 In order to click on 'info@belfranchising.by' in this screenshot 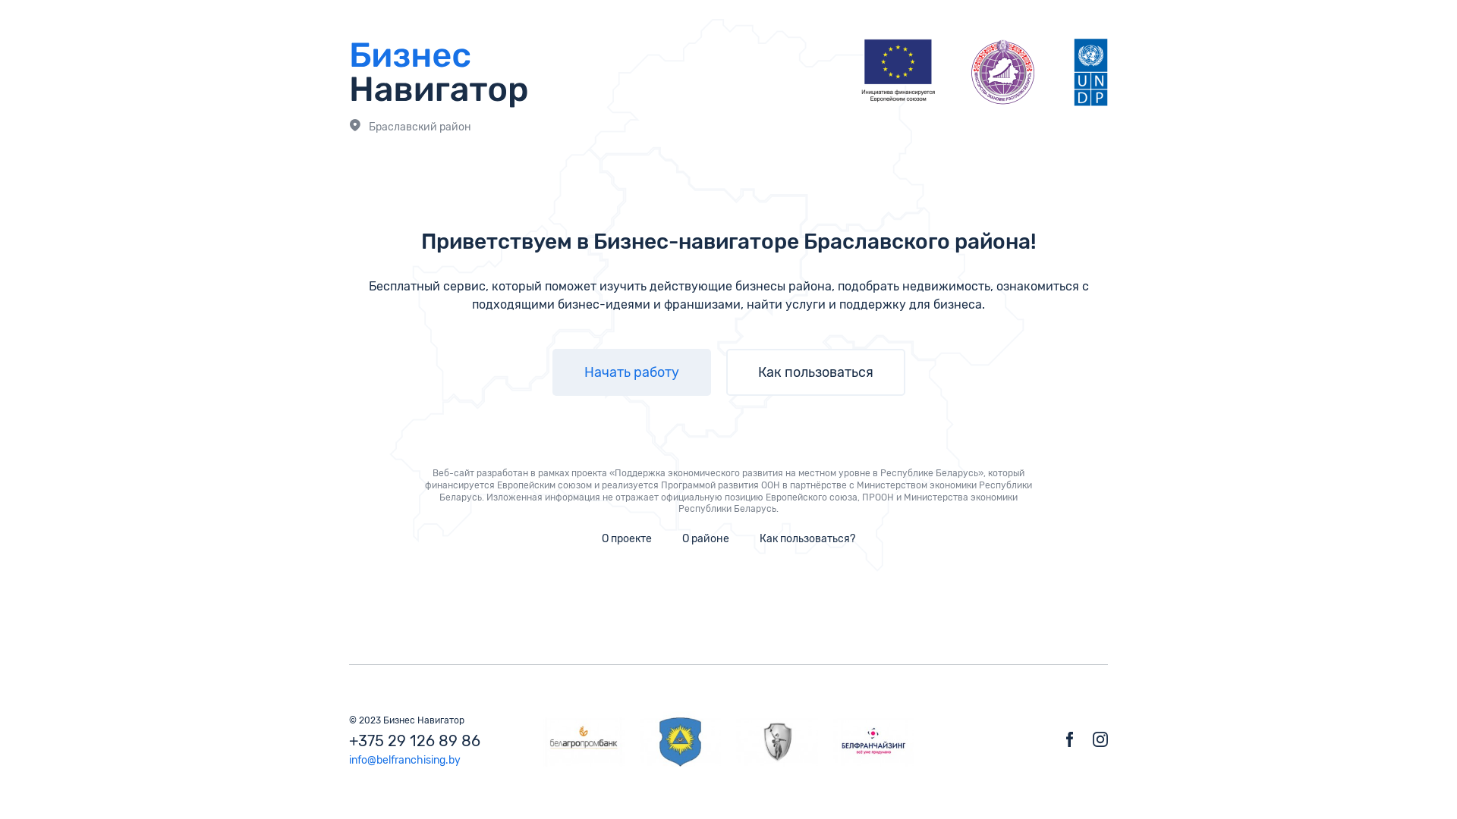, I will do `click(348, 760)`.